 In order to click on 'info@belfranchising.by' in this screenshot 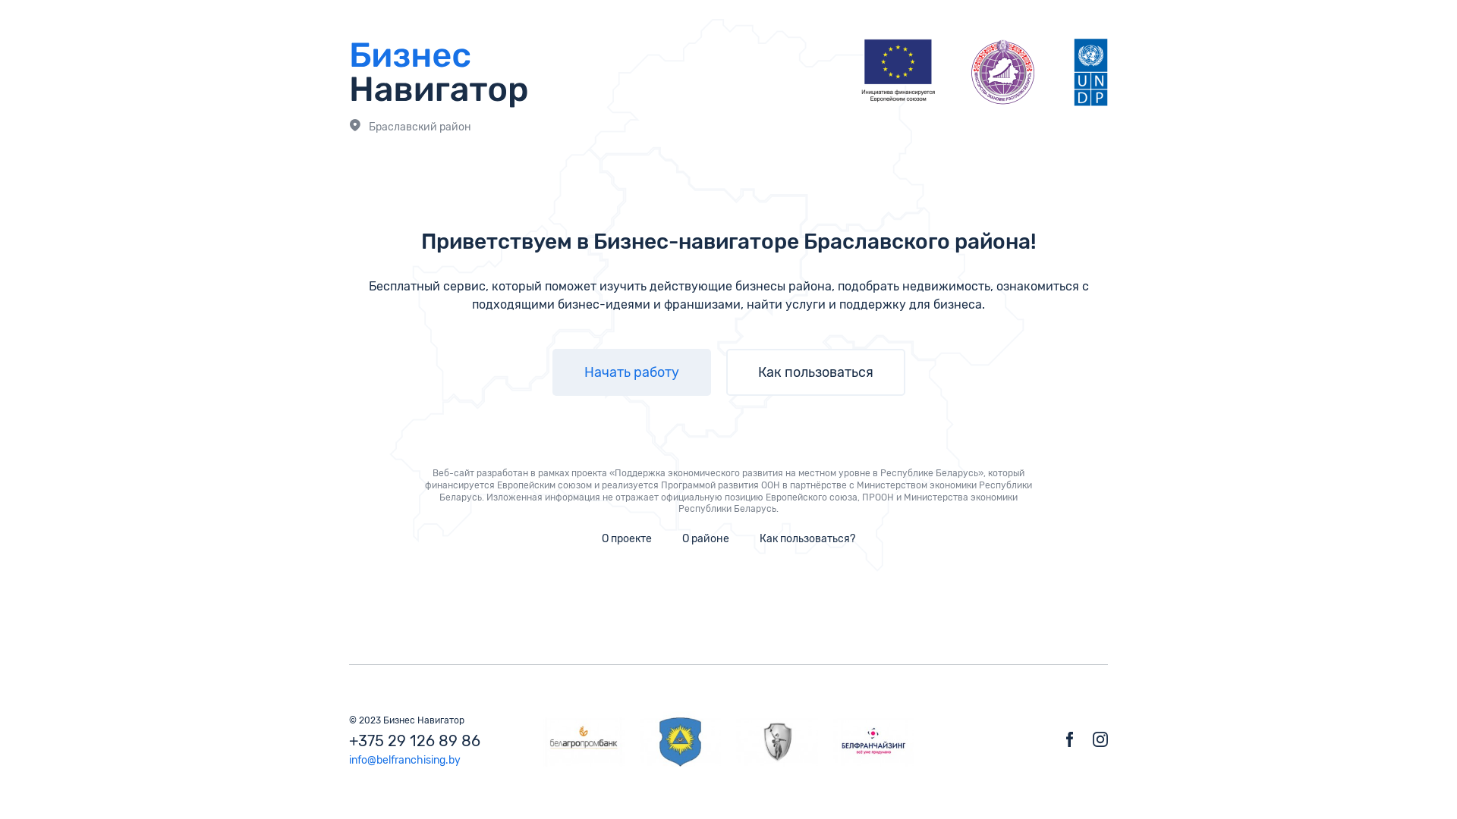, I will do `click(348, 760)`.